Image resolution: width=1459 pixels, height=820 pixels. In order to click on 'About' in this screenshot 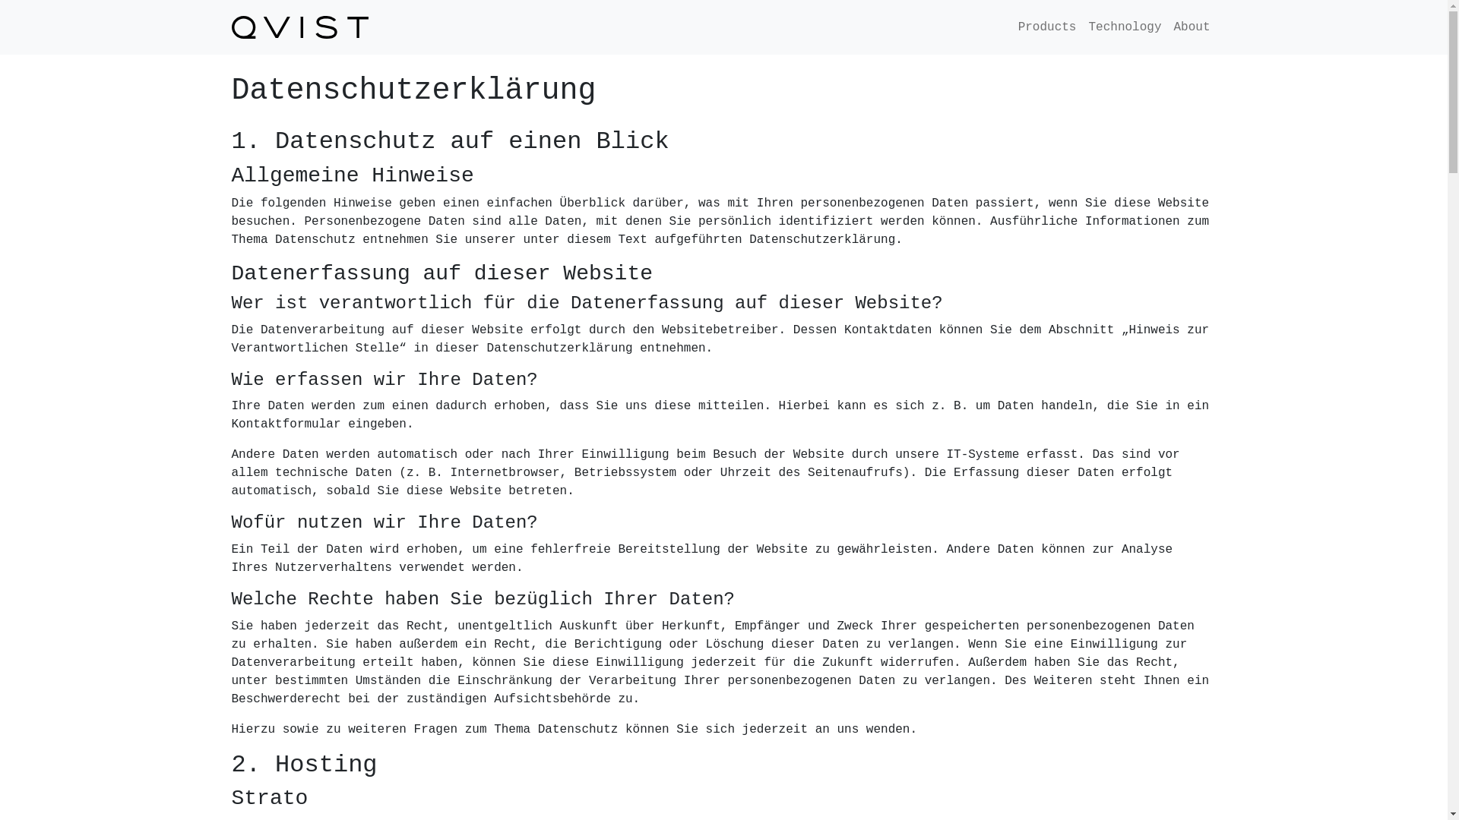, I will do `click(1191, 27)`.